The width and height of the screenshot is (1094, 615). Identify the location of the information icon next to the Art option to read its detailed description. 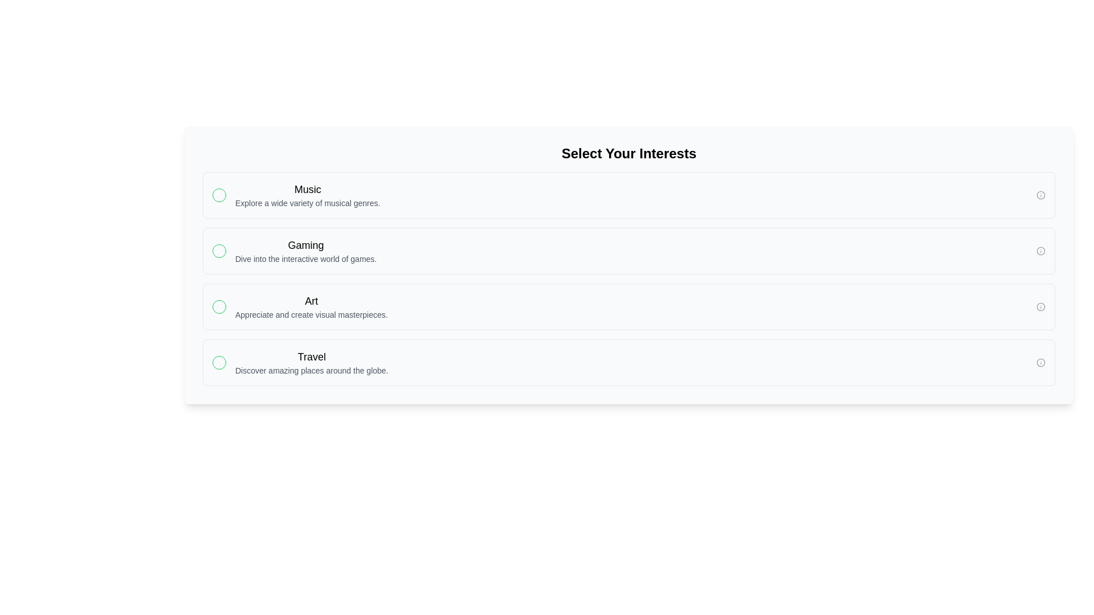
(1041, 306).